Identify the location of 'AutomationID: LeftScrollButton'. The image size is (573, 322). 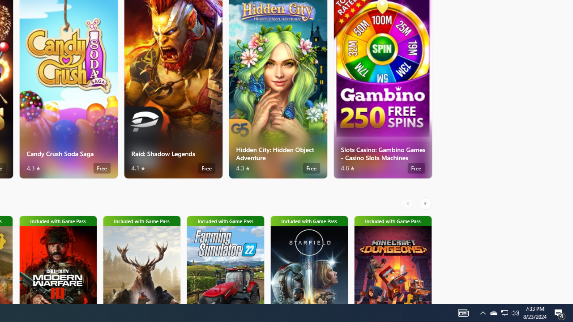
(408, 203).